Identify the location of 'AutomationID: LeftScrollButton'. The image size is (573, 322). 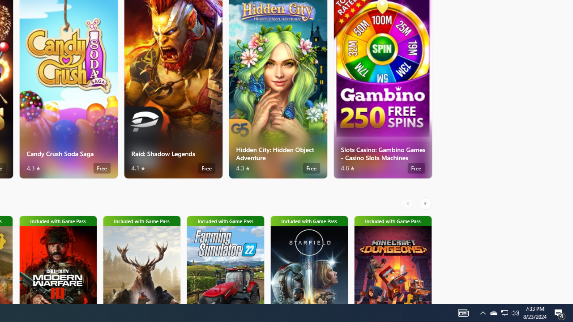
(408, 203).